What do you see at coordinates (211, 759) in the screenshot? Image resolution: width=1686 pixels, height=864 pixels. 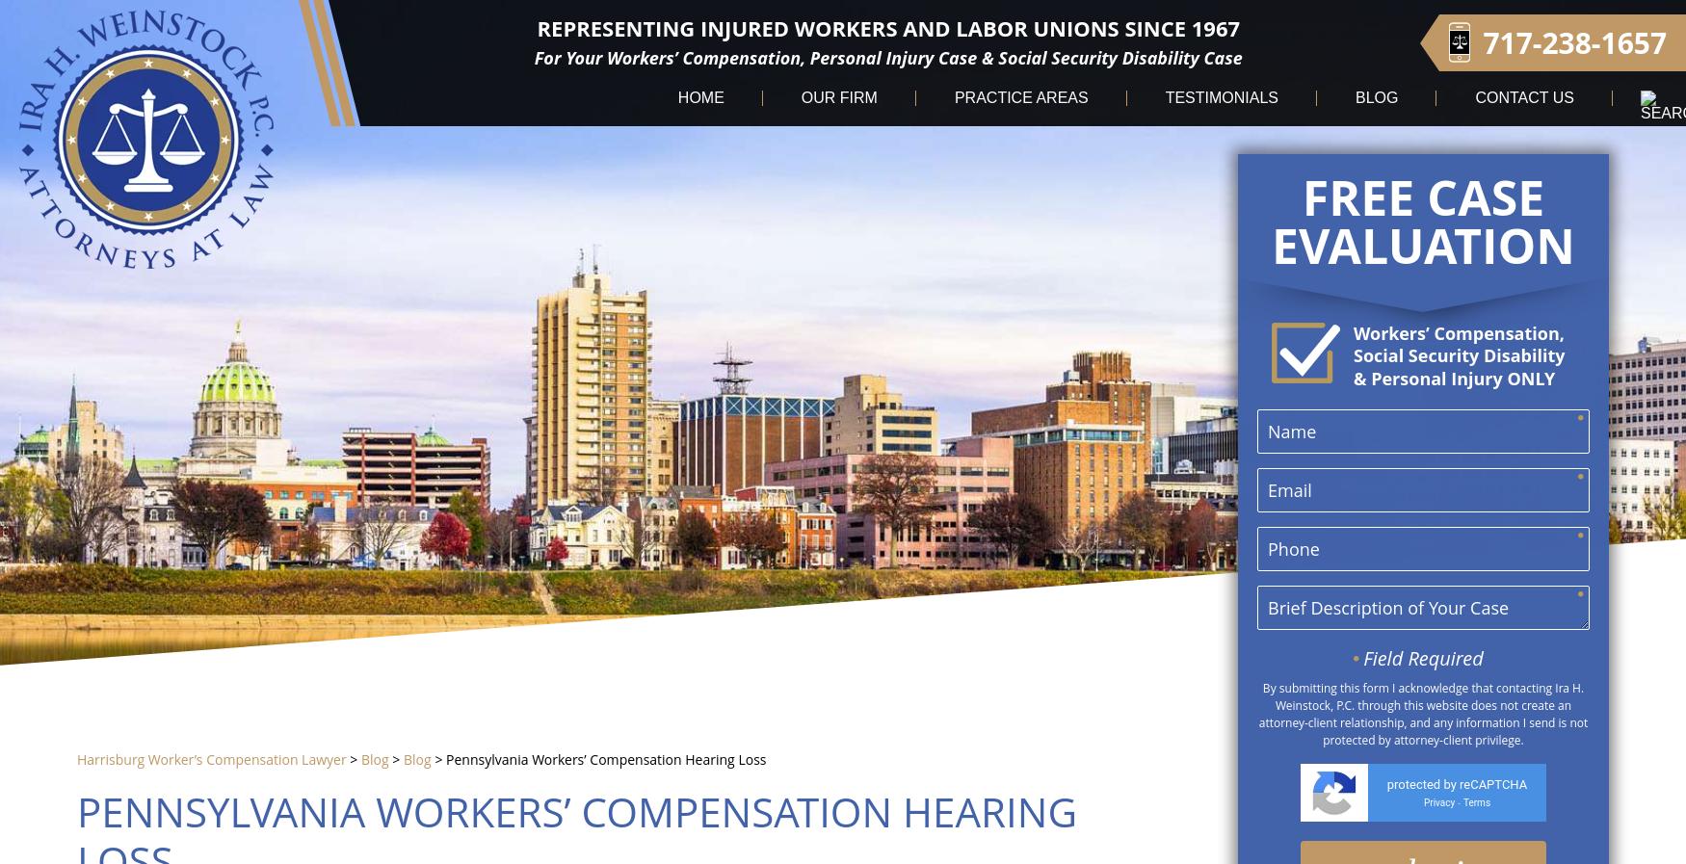 I see `'Harrisburg Worker’s Compensation Lawyer'` at bounding box center [211, 759].